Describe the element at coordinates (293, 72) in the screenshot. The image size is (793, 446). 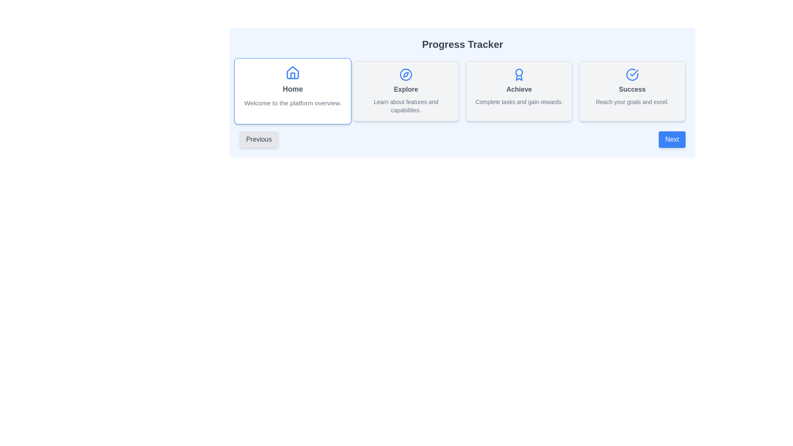
I see `the Decorative Icon shaped like a house, which is located above the 'Home' text label in the navigation card` at that location.